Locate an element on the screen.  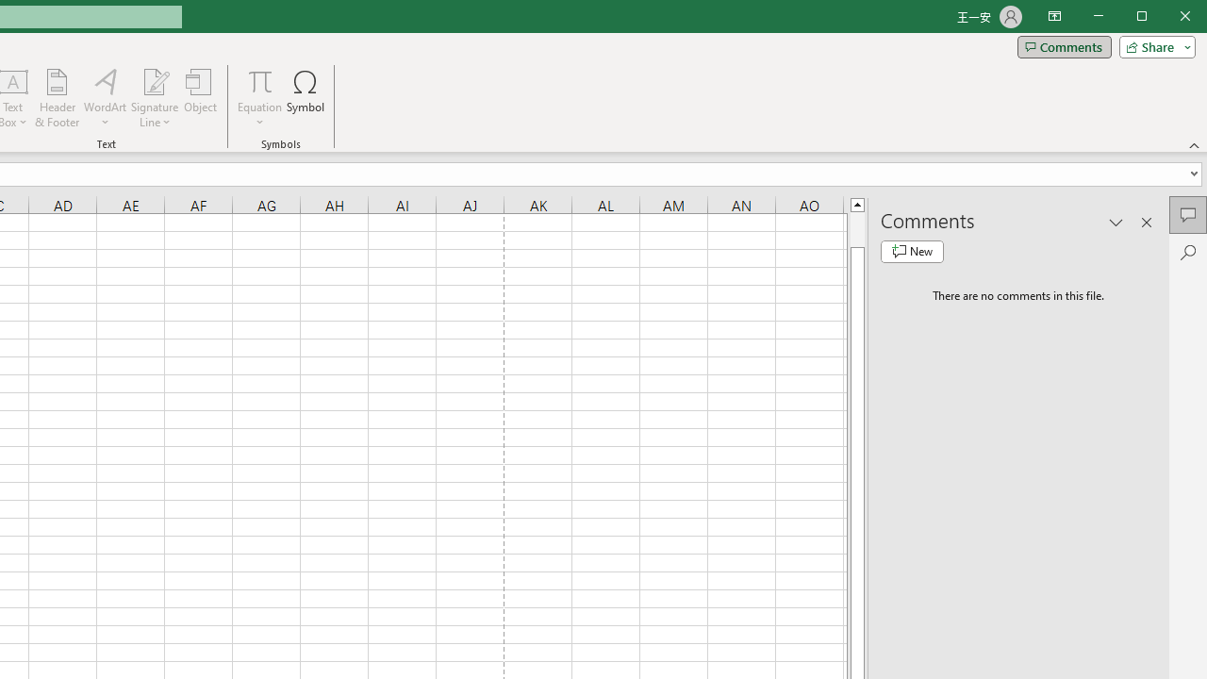
'Ribbon Display Options' is located at coordinates (1053, 17).